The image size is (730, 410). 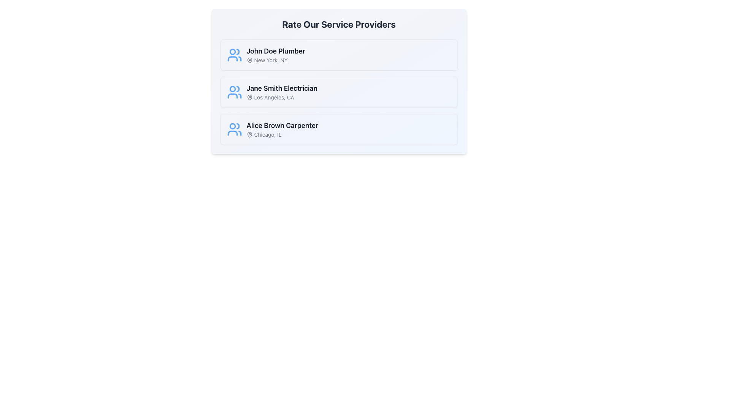 What do you see at coordinates (272, 92) in the screenshot?
I see `the second row in the 'Rate Our Service Providers' panel that displays the user's profile information including their name, profession, and location` at bounding box center [272, 92].